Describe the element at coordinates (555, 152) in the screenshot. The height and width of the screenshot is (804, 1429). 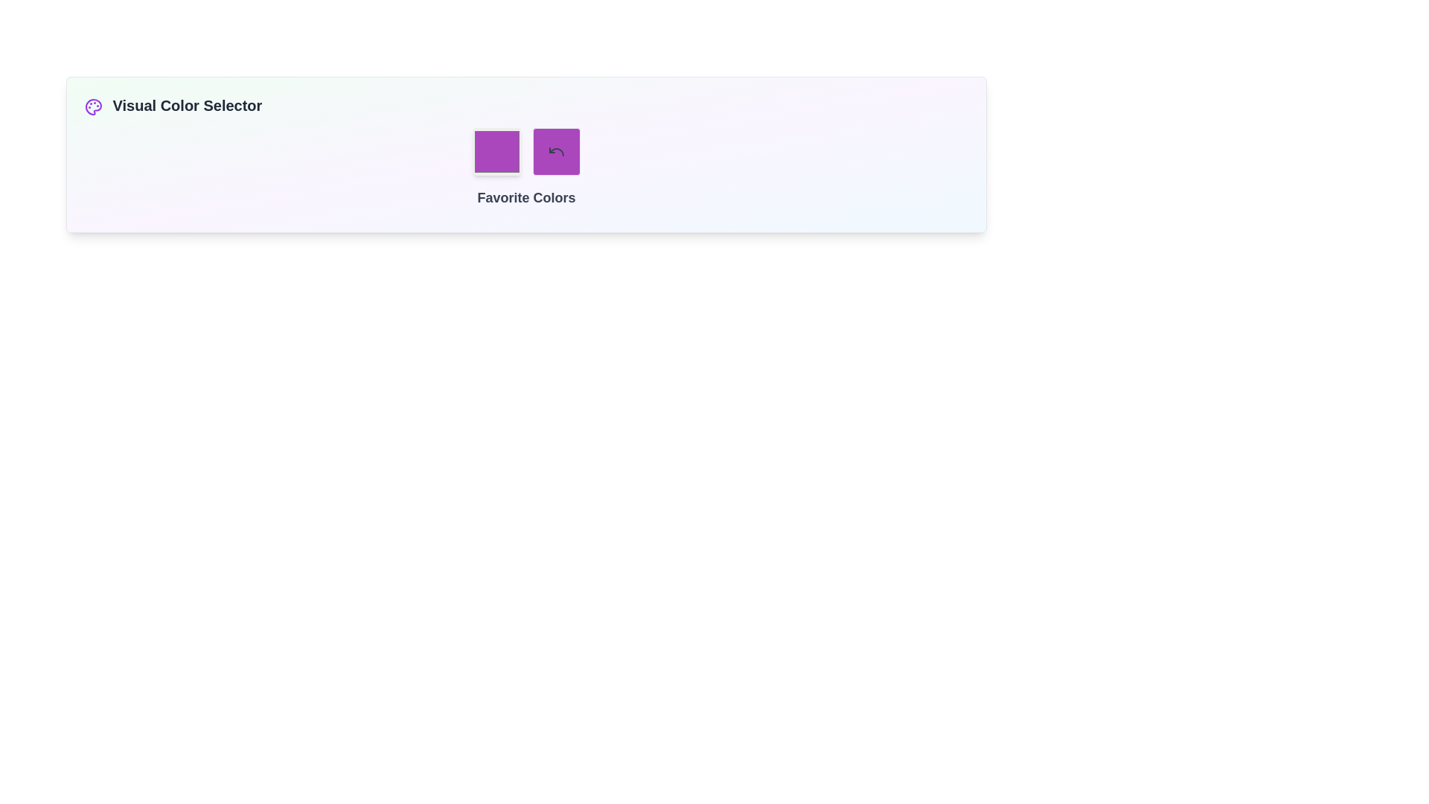
I see `the reset or undo button located to the right of the purple square in the 'Favorite Colors' section` at that location.